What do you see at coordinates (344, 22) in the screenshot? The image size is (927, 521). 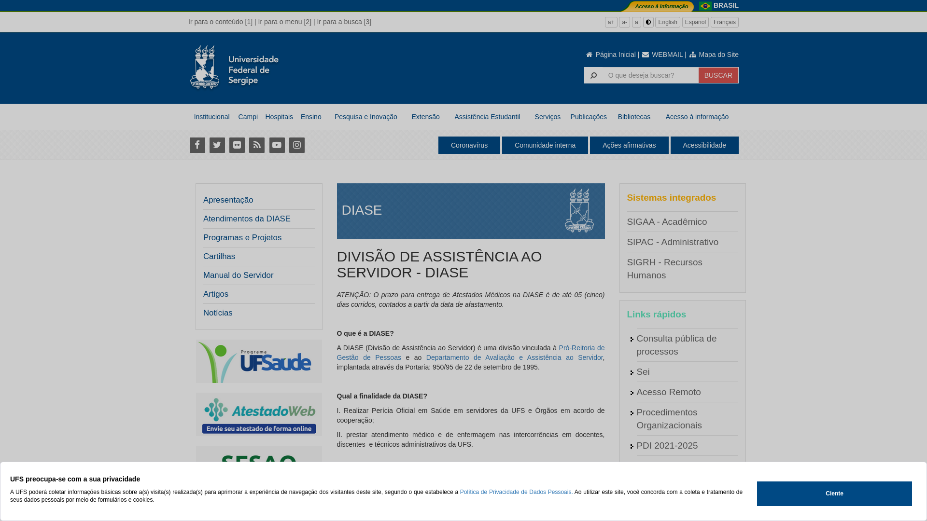 I see `'Ir para a busca [3]'` at bounding box center [344, 22].